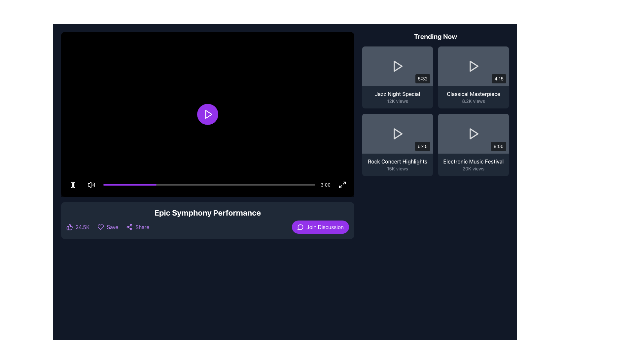  Describe the element at coordinates (422, 146) in the screenshot. I see `the text label displaying the duration of the video associated with the 'Rock Concert Highlights' item in the bottom-right corner of the 'Trending Now' grid layout` at that location.